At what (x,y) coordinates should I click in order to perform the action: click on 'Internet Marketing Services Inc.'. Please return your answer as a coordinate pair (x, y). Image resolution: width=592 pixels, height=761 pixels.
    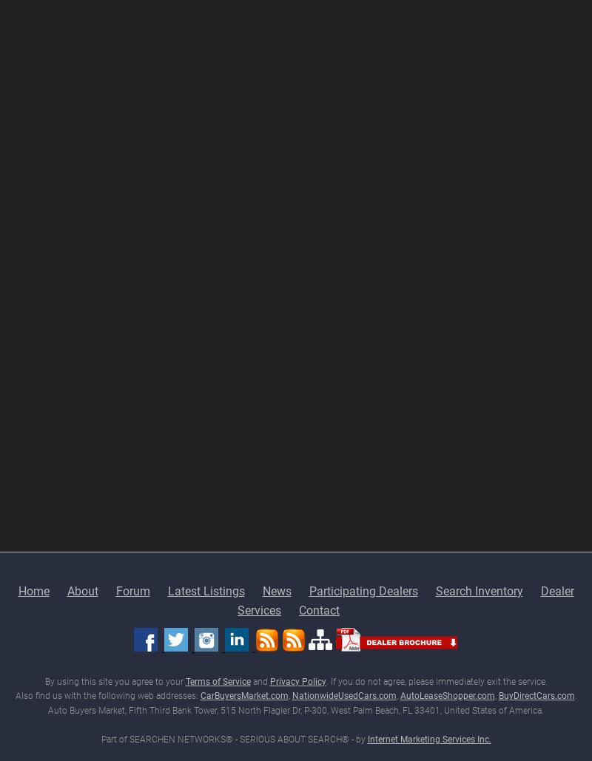
    Looking at the image, I should click on (428, 737).